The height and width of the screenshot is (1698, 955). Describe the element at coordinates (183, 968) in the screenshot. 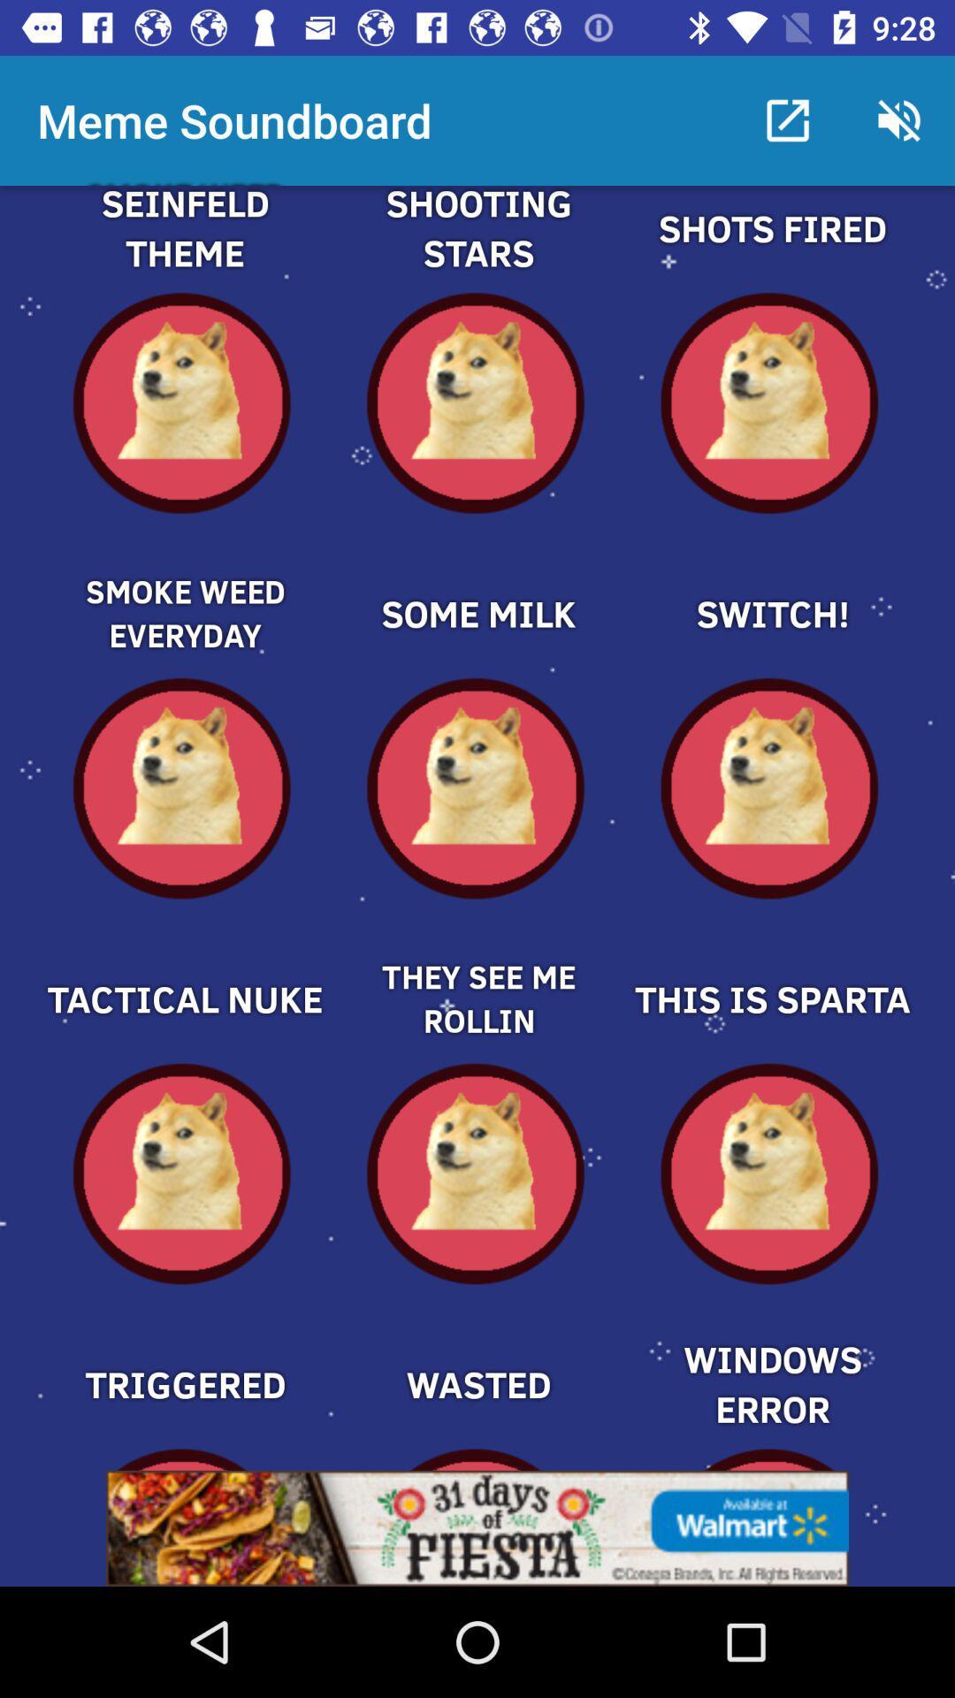

I see `the add image` at that location.